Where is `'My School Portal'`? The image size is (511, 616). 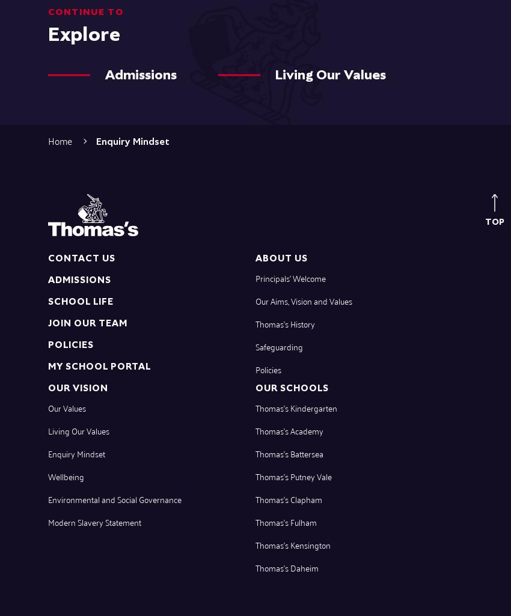
'My School Portal' is located at coordinates (99, 365).